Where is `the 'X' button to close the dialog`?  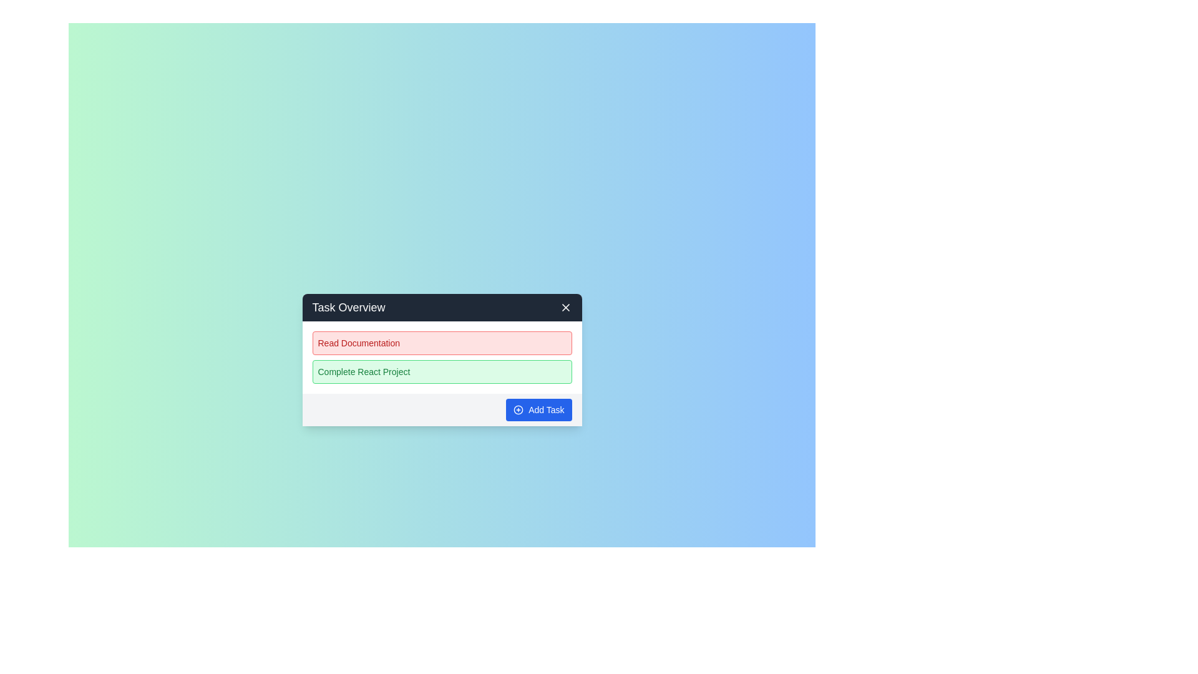
the 'X' button to close the dialog is located at coordinates (565, 308).